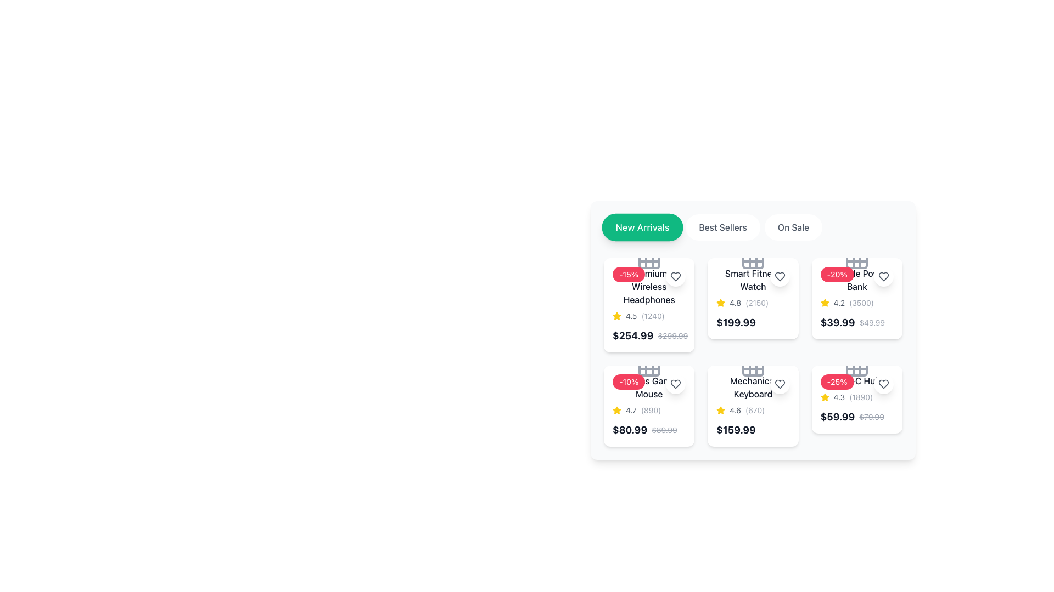 The image size is (1054, 592). Describe the element at coordinates (645, 430) in the screenshot. I see `price and discount information from the price display element showing the current price '$80.99' and the original price '$89.99' located in the second card of the grid layout for the 'Wireless Gar Mouse'` at that location.